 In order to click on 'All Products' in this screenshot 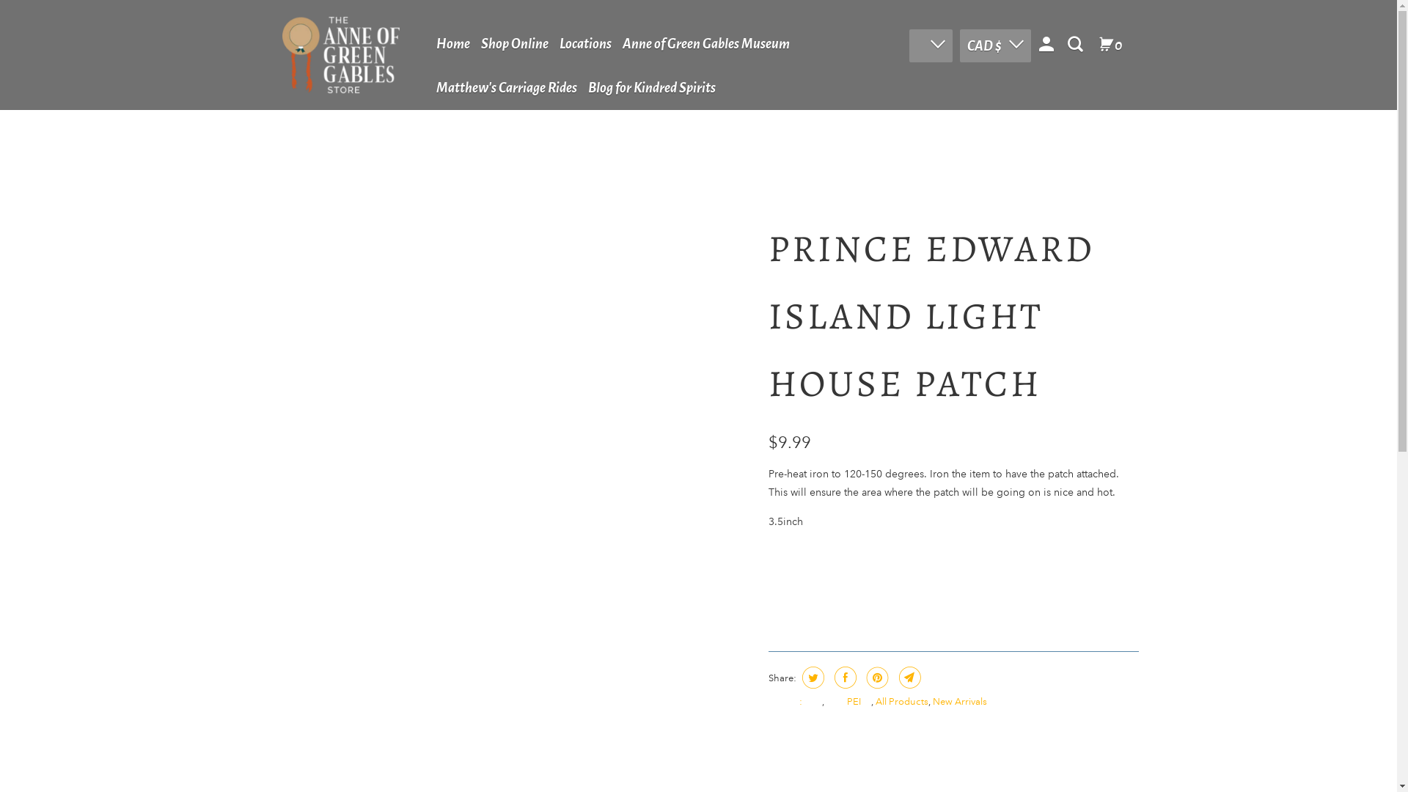, I will do `click(901, 700)`.